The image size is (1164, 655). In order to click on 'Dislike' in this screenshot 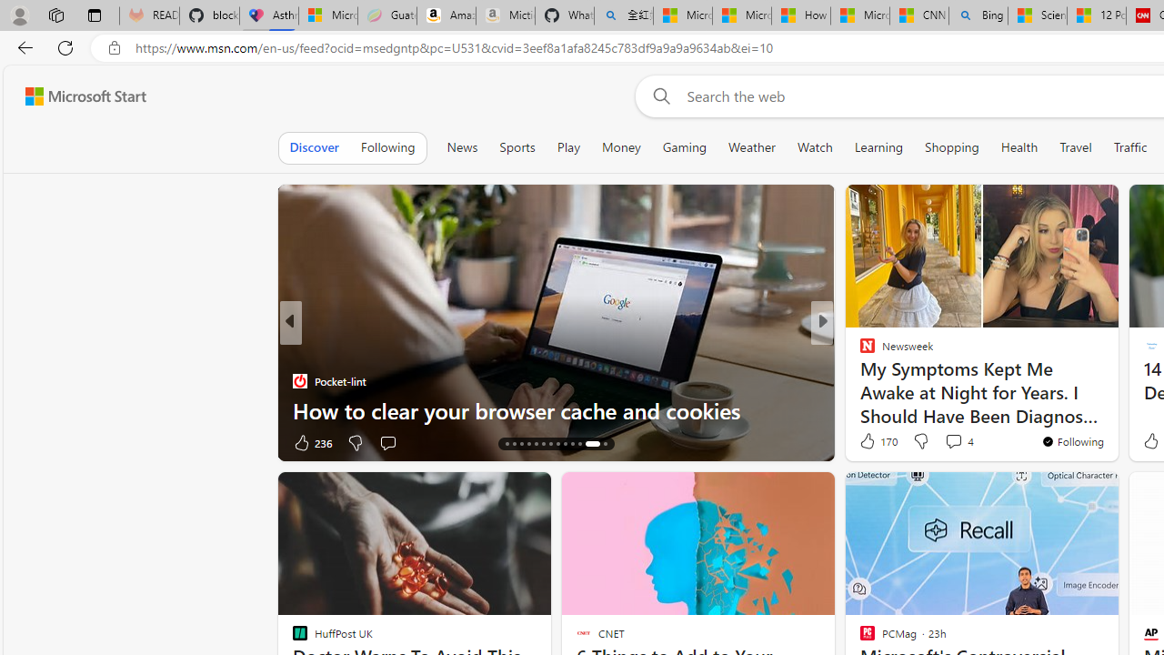, I will do `click(920, 440)`.